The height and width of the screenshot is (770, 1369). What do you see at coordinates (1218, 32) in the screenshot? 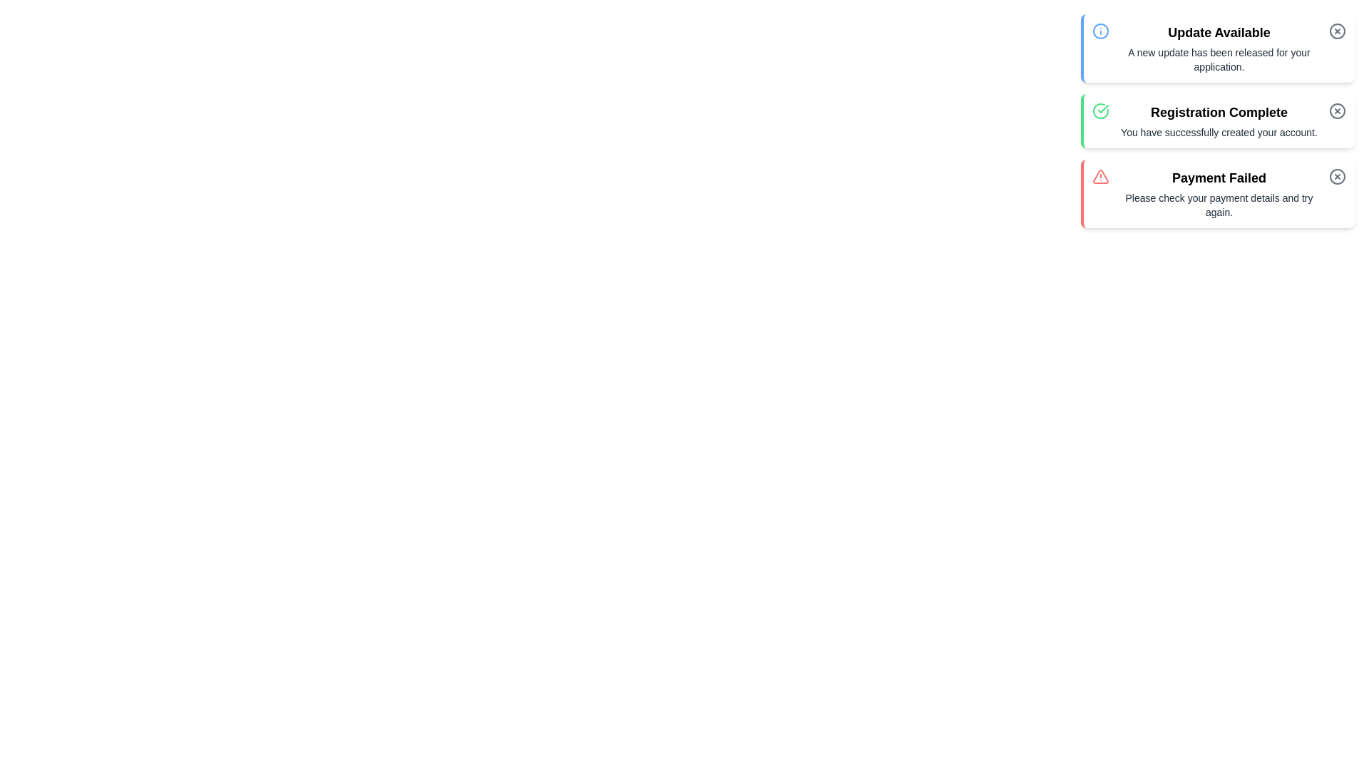
I see `the 'Update Available' text label, which is prominently displayed in bold black font at the top of the first notification card` at bounding box center [1218, 32].